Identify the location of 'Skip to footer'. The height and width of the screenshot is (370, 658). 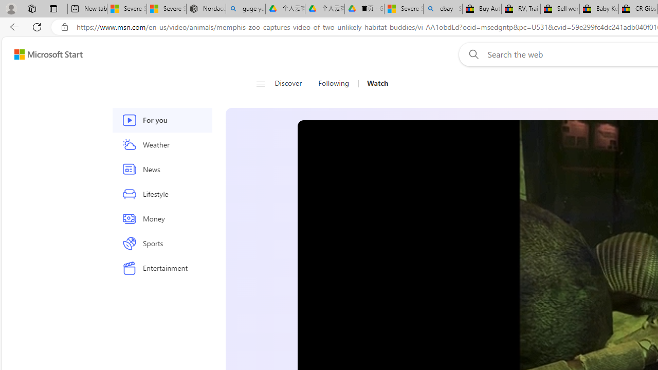
(42, 54).